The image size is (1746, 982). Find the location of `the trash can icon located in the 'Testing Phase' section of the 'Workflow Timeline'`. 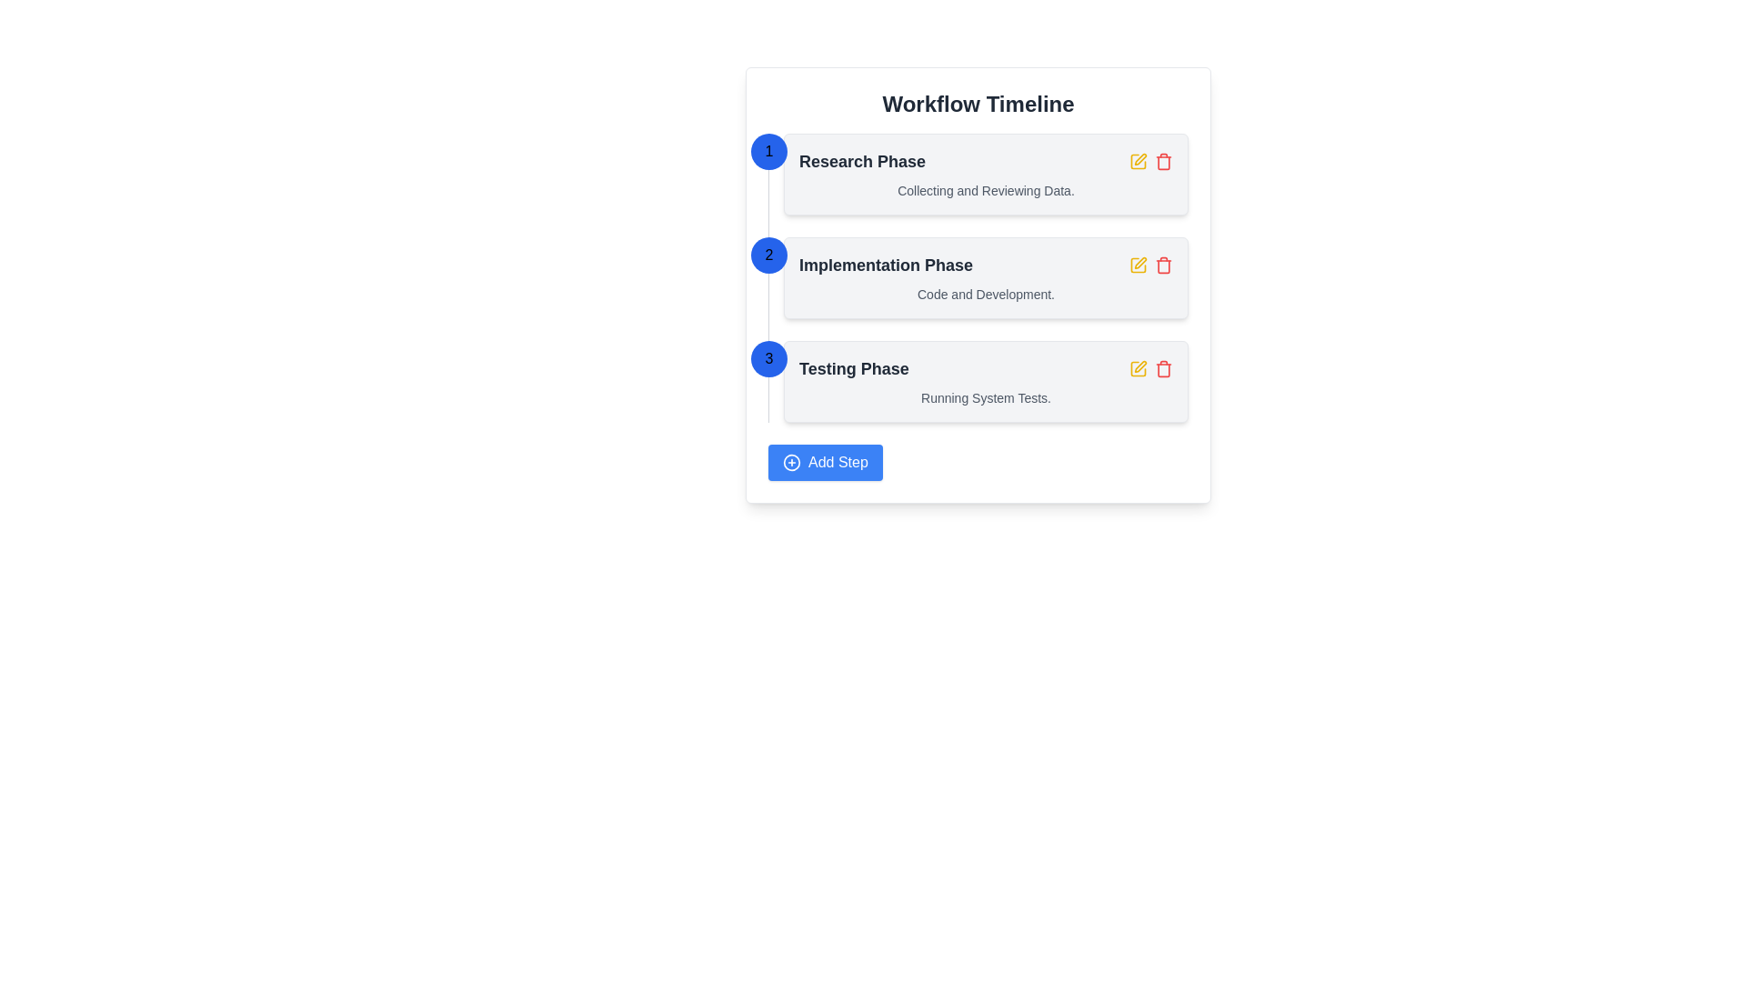

the trash can icon located in the 'Testing Phase' section of the 'Workflow Timeline' is located at coordinates (1164, 368).